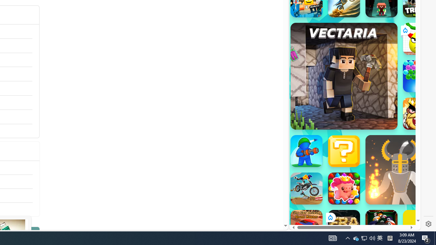 The width and height of the screenshot is (436, 245). I want to click on 'Class: rCs5cyEiqiTpYvt_VBCR', so click(330, 217).